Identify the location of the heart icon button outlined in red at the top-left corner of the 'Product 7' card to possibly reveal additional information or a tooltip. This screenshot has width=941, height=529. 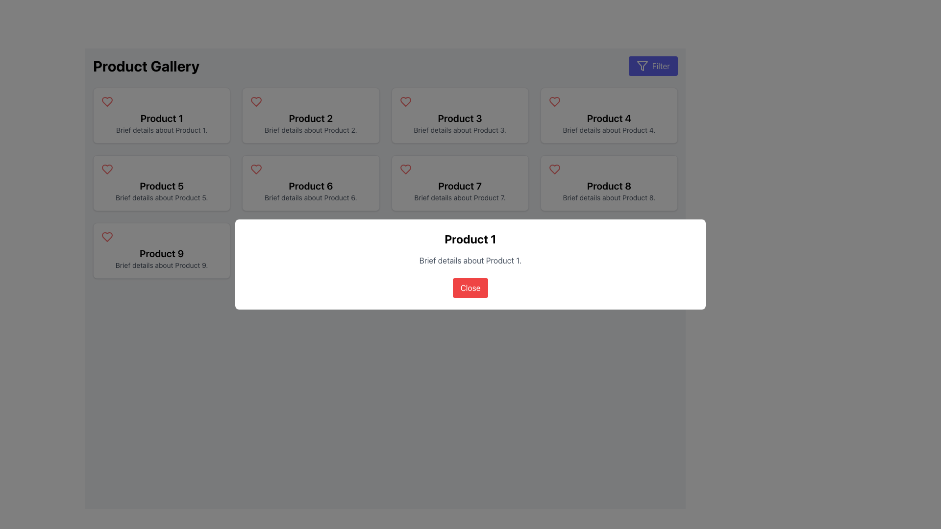
(405, 169).